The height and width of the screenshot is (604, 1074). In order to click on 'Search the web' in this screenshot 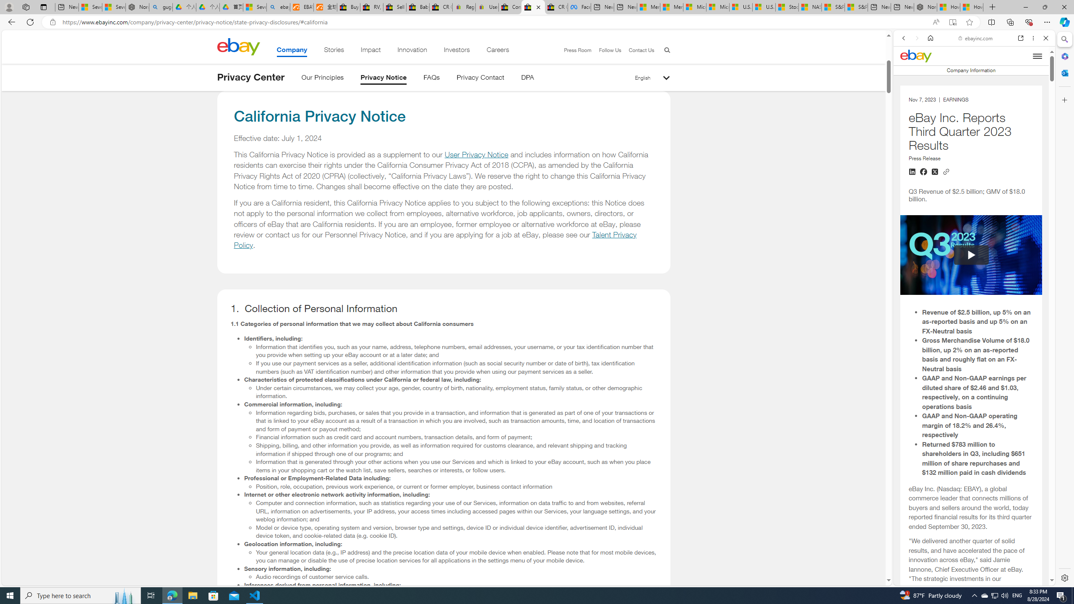, I will do `click(978, 57)`.